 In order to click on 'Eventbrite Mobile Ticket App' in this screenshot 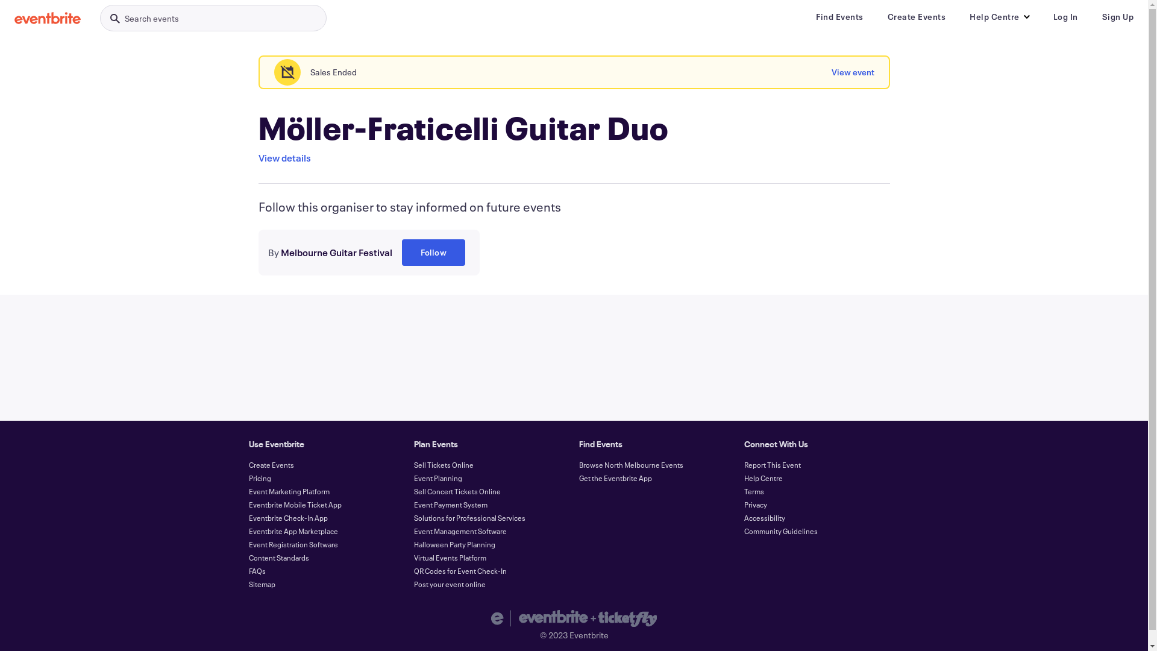, I will do `click(295, 505)`.